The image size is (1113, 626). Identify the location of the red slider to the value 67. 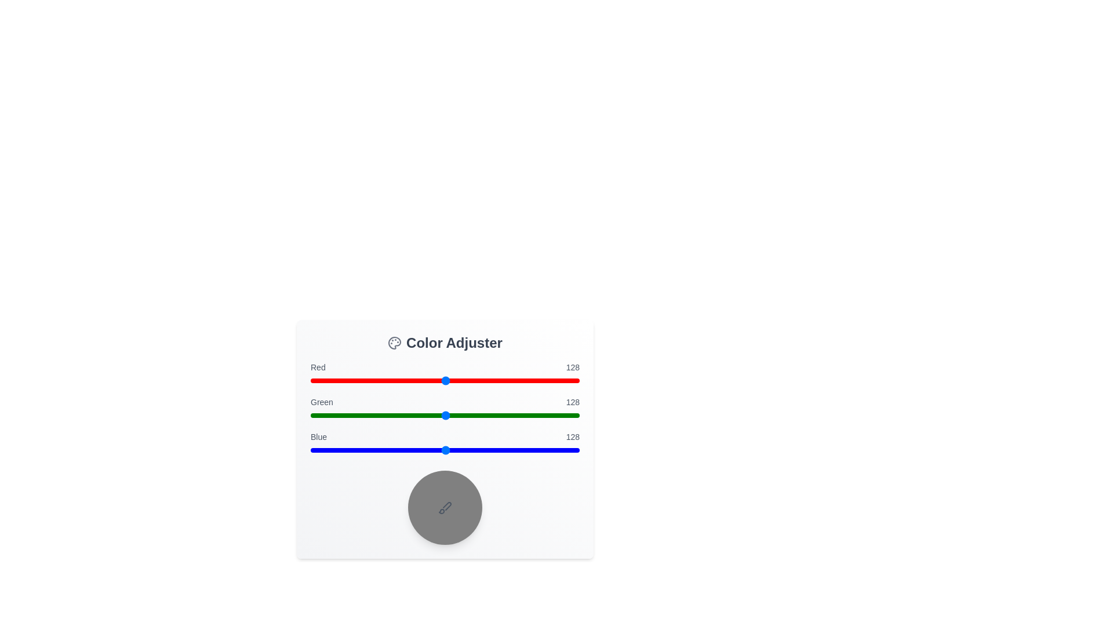
(381, 380).